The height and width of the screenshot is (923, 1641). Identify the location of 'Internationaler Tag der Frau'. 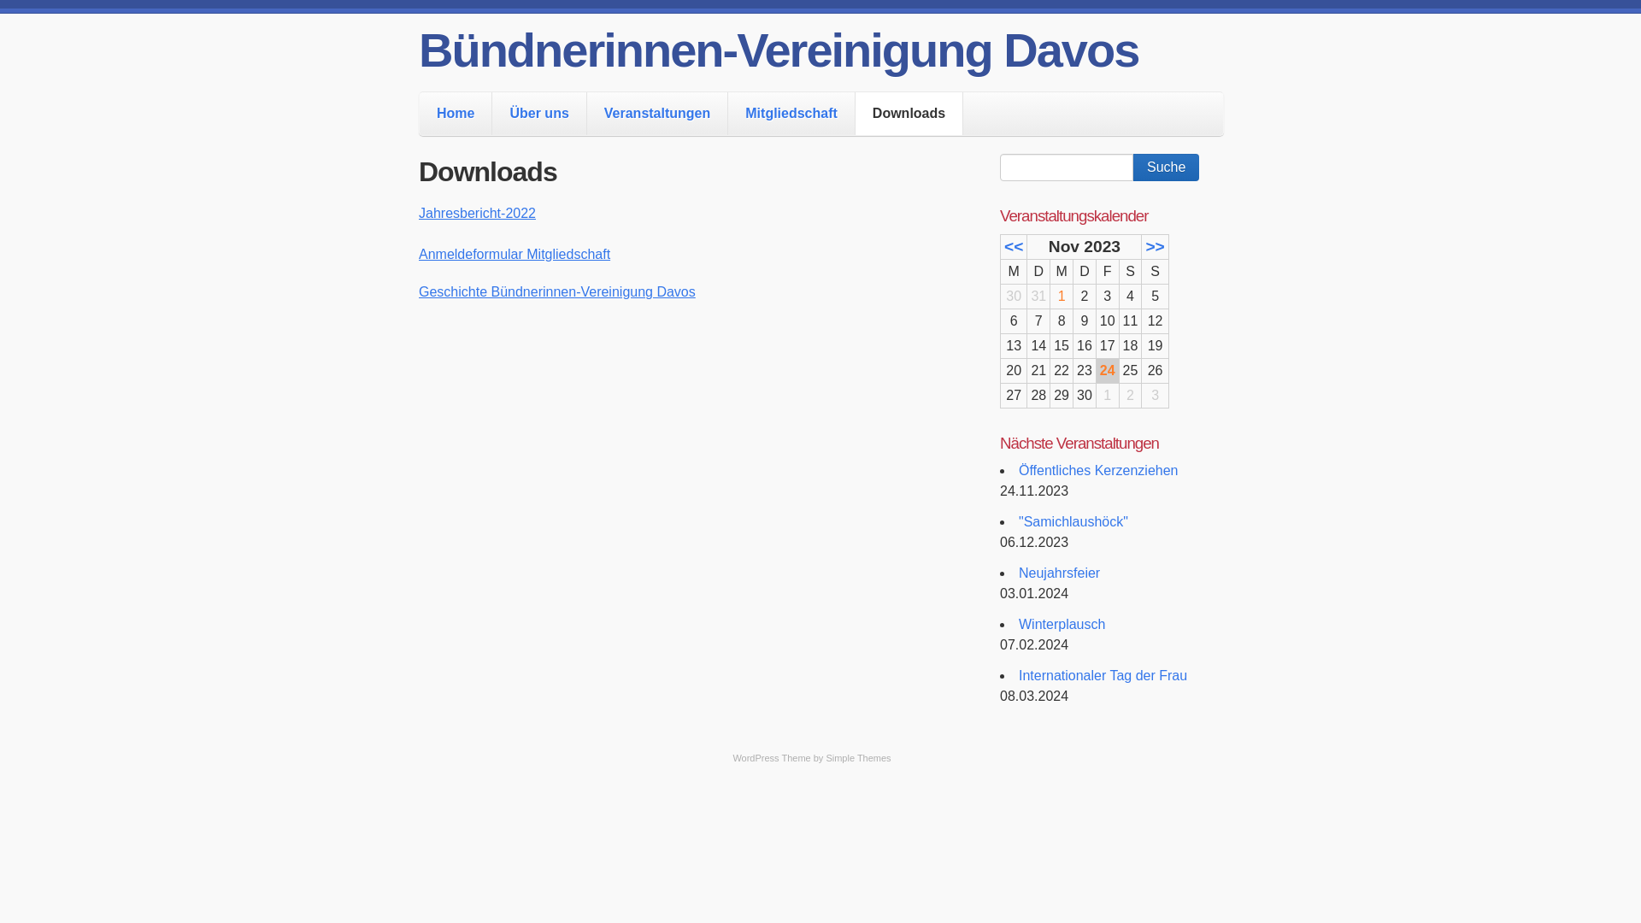
(1103, 674).